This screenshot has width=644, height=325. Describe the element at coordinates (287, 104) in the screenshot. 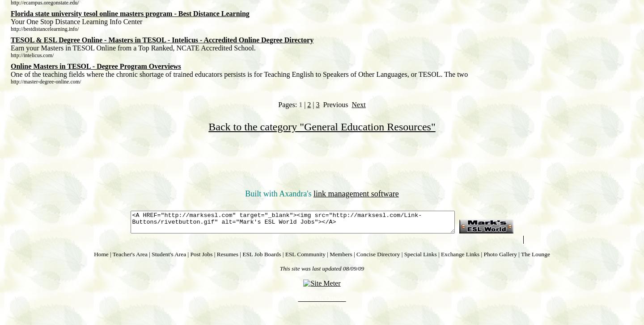

I see `'Pages:'` at that location.